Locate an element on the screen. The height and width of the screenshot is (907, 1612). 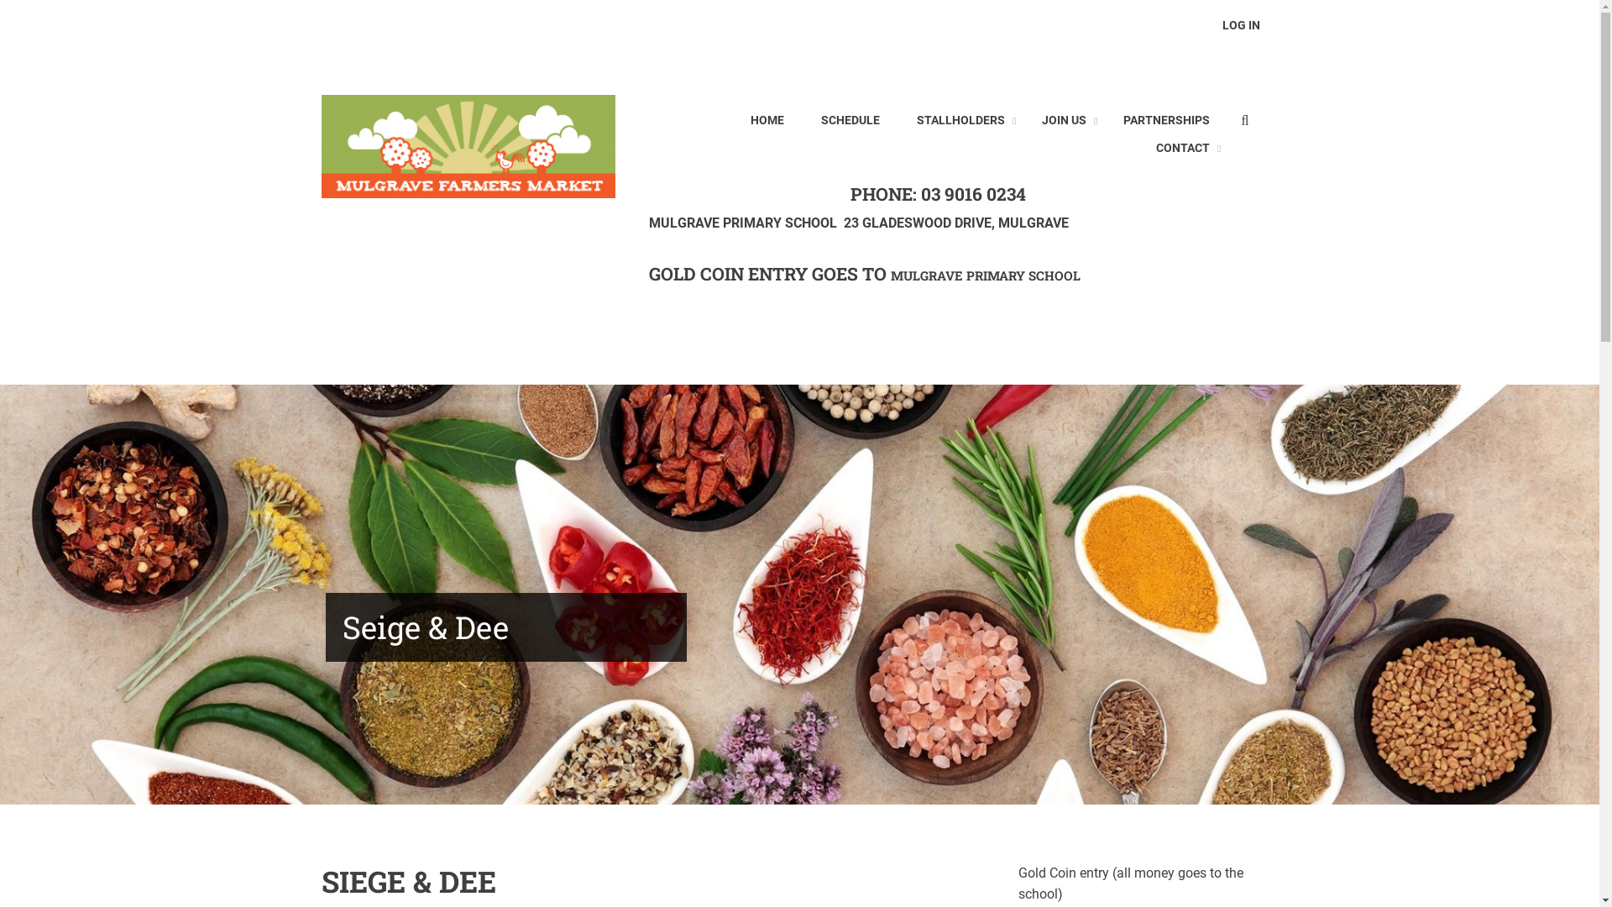
'LOG IN' is located at coordinates (1206, 26).